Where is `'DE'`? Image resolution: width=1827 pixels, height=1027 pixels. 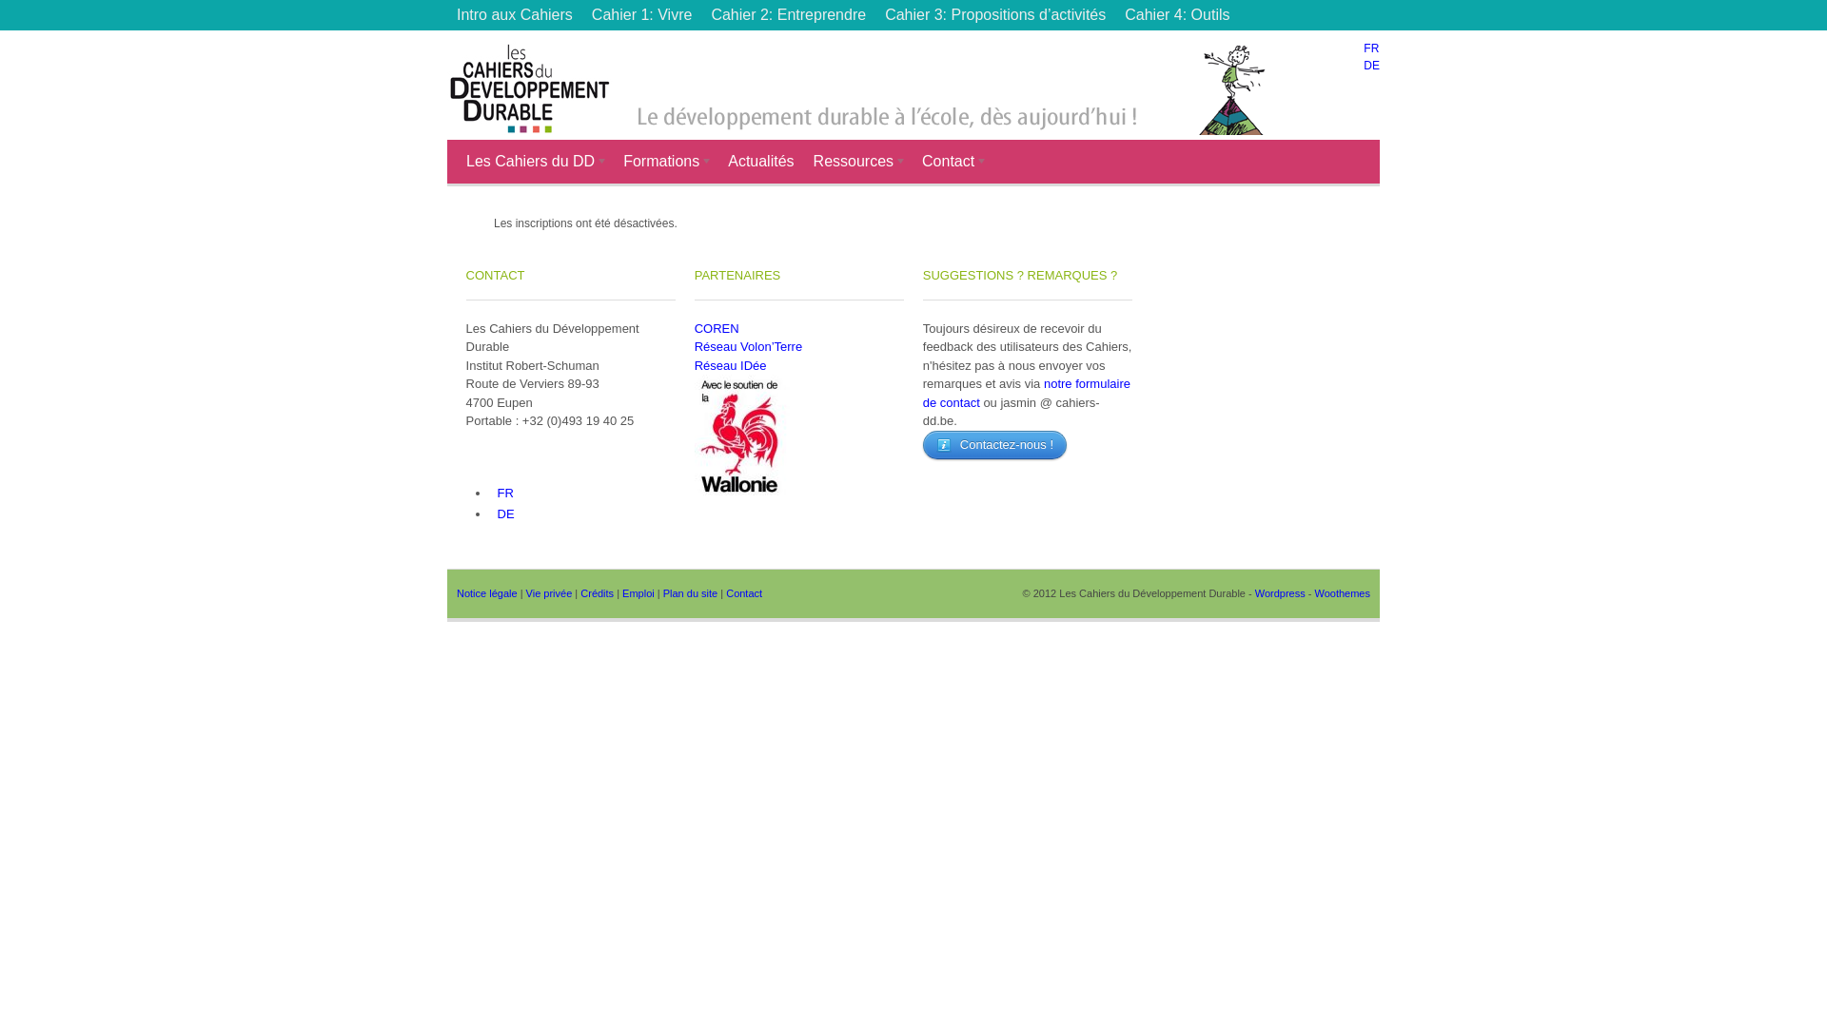 'DE' is located at coordinates (503, 512).